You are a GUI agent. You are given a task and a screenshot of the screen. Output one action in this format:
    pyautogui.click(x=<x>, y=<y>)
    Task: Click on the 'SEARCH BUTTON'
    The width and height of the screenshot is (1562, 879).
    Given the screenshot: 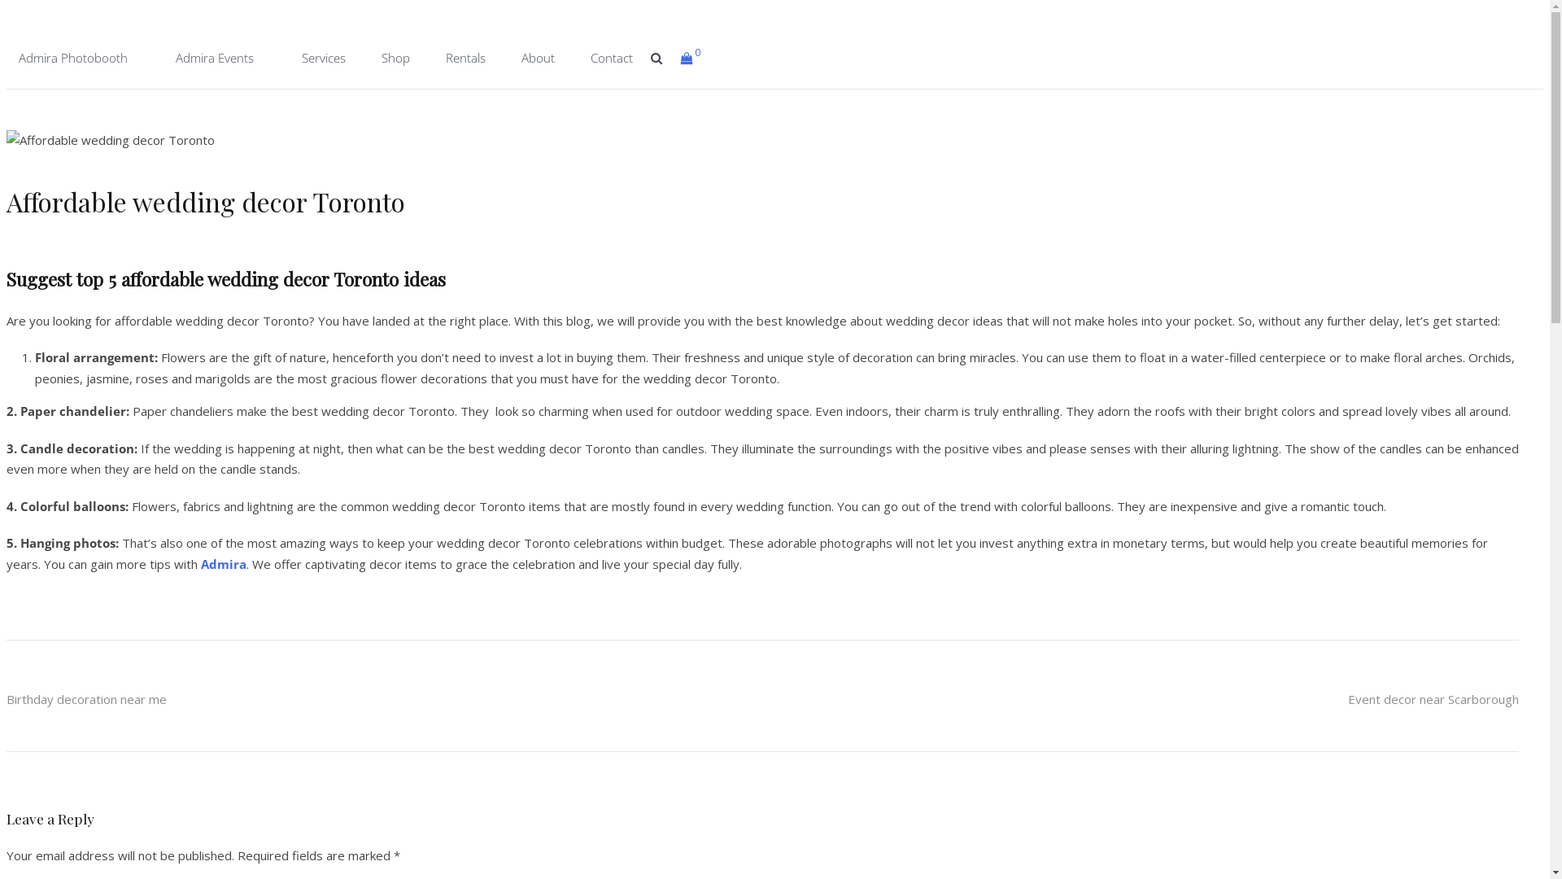 What is the action you would take?
    pyautogui.click(x=657, y=56)
    